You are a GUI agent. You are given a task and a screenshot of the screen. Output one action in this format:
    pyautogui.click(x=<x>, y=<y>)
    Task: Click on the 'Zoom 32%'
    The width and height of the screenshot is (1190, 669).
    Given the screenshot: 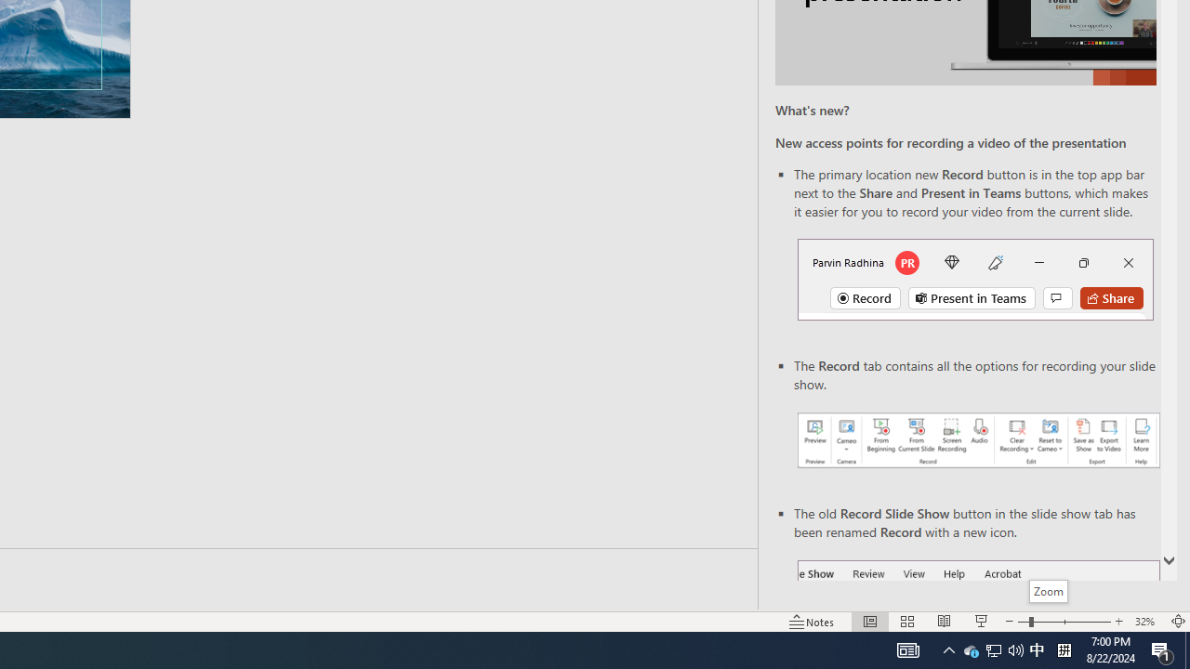 What is the action you would take?
    pyautogui.click(x=1146, y=622)
    